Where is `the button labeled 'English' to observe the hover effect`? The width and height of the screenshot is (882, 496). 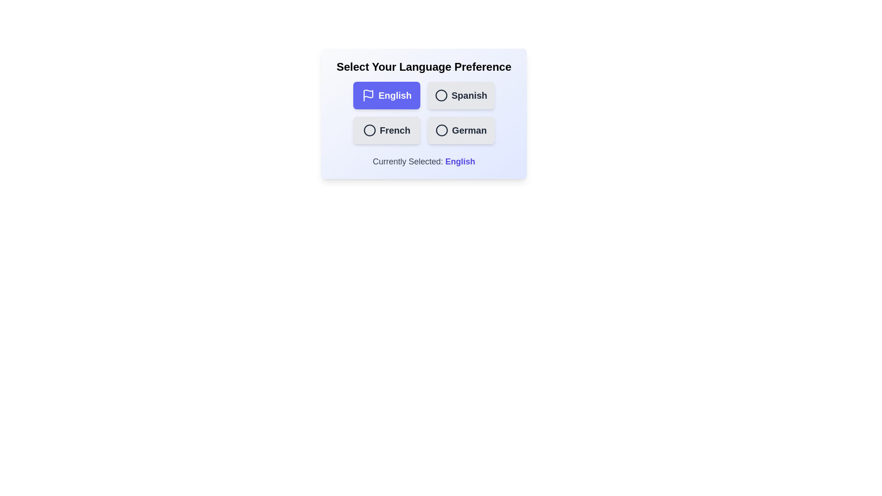 the button labeled 'English' to observe the hover effect is located at coordinates (386, 96).